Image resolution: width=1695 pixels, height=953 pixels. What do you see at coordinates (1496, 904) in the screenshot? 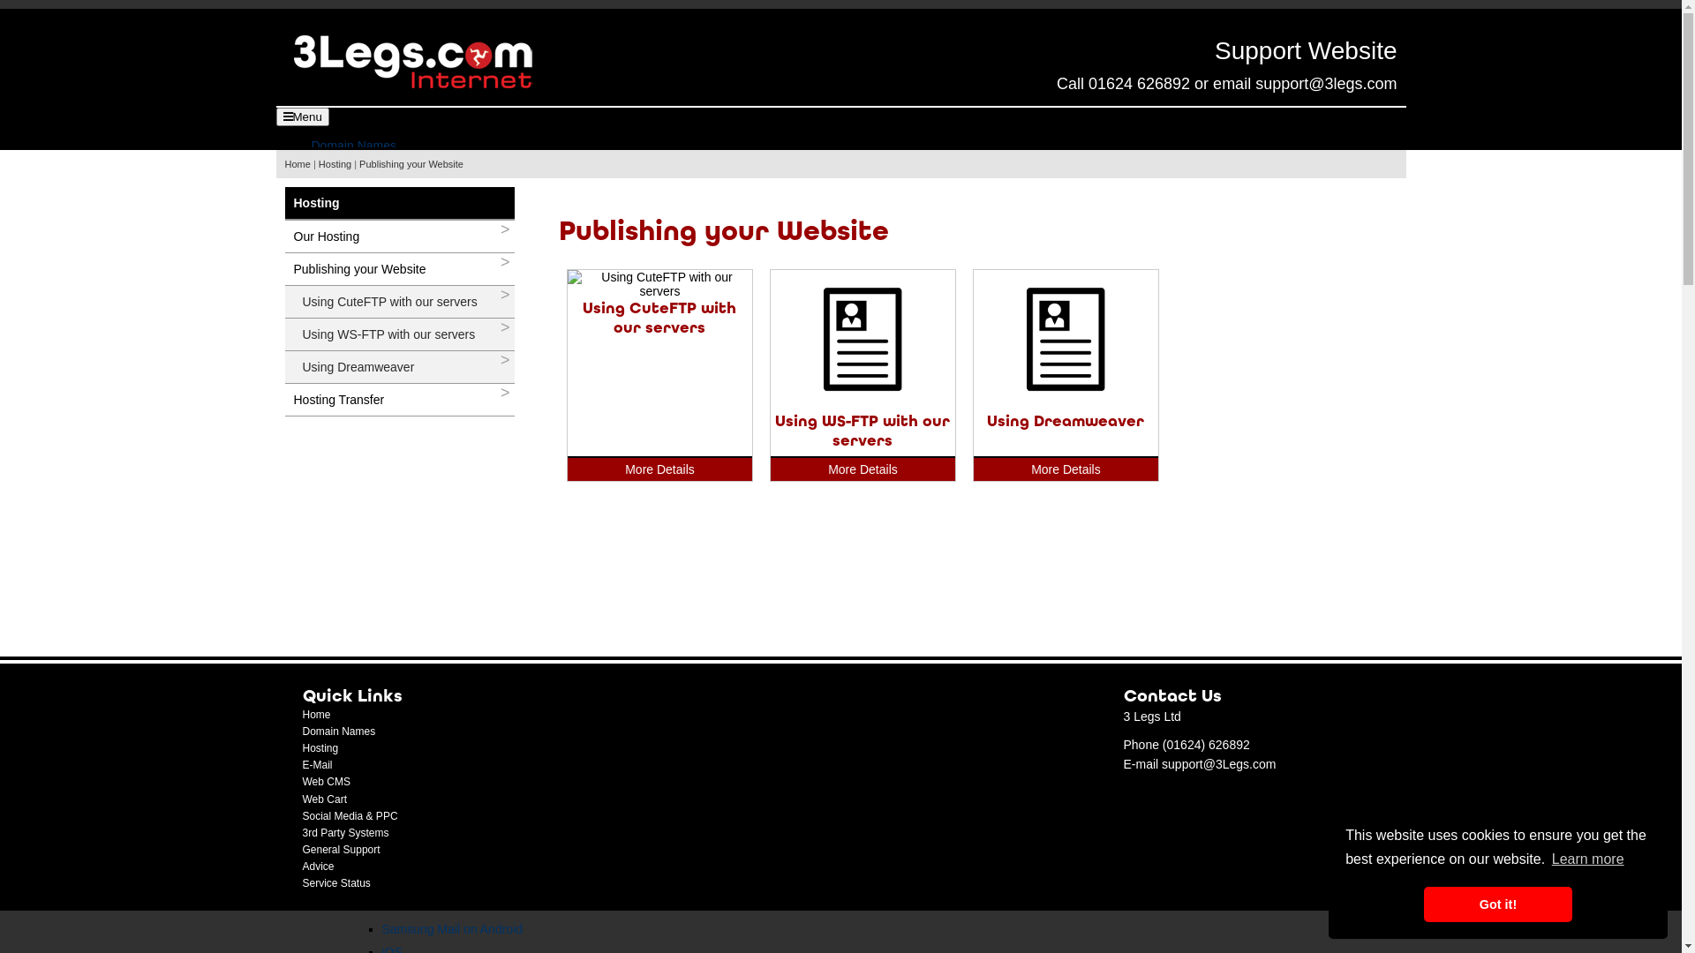
I see `'Got it!'` at bounding box center [1496, 904].